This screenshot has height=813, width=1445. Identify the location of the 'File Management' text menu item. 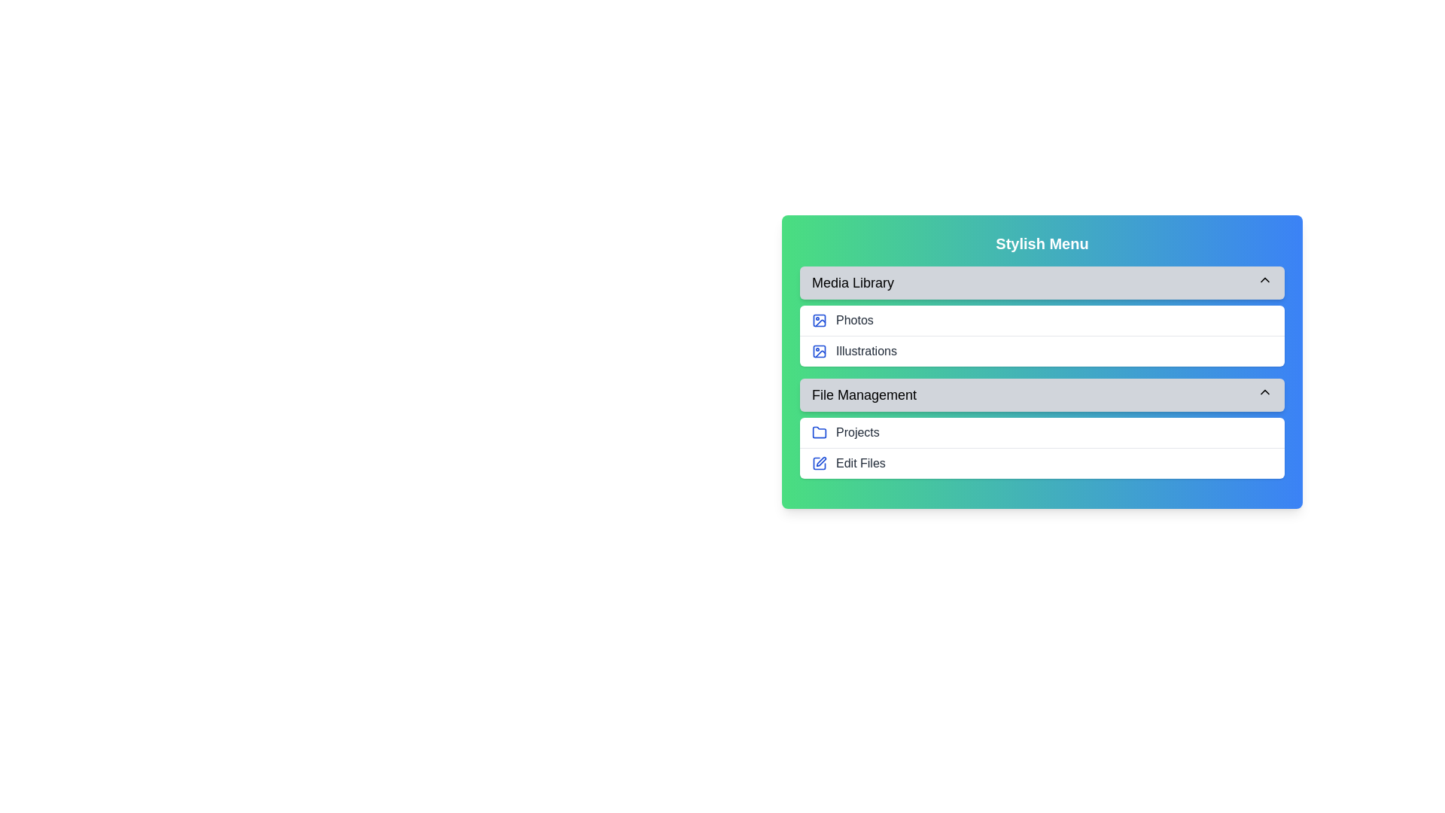
(864, 394).